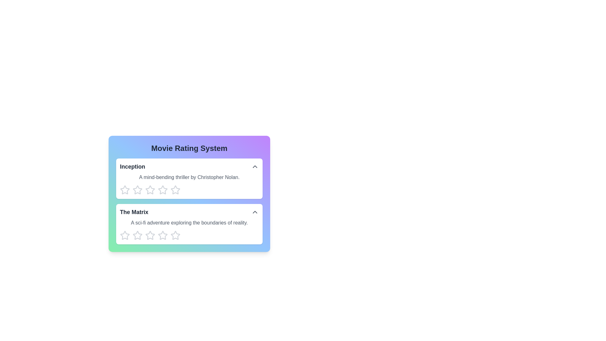 The height and width of the screenshot is (341, 606). What do you see at coordinates (163, 189) in the screenshot?
I see `the third star icon from the left` at bounding box center [163, 189].